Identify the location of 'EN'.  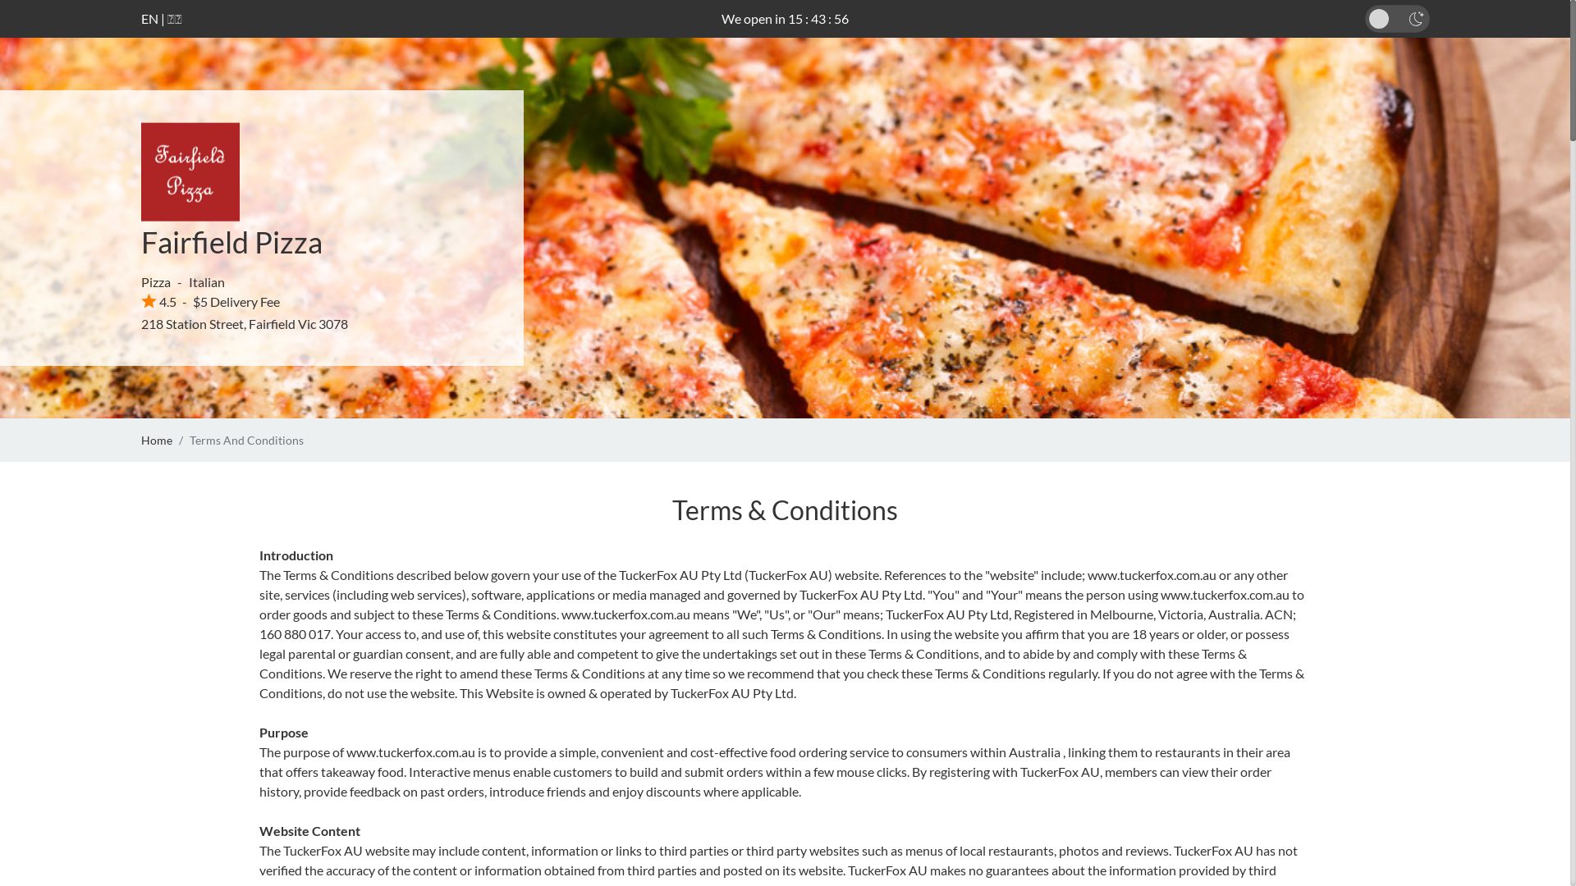
(141, 18).